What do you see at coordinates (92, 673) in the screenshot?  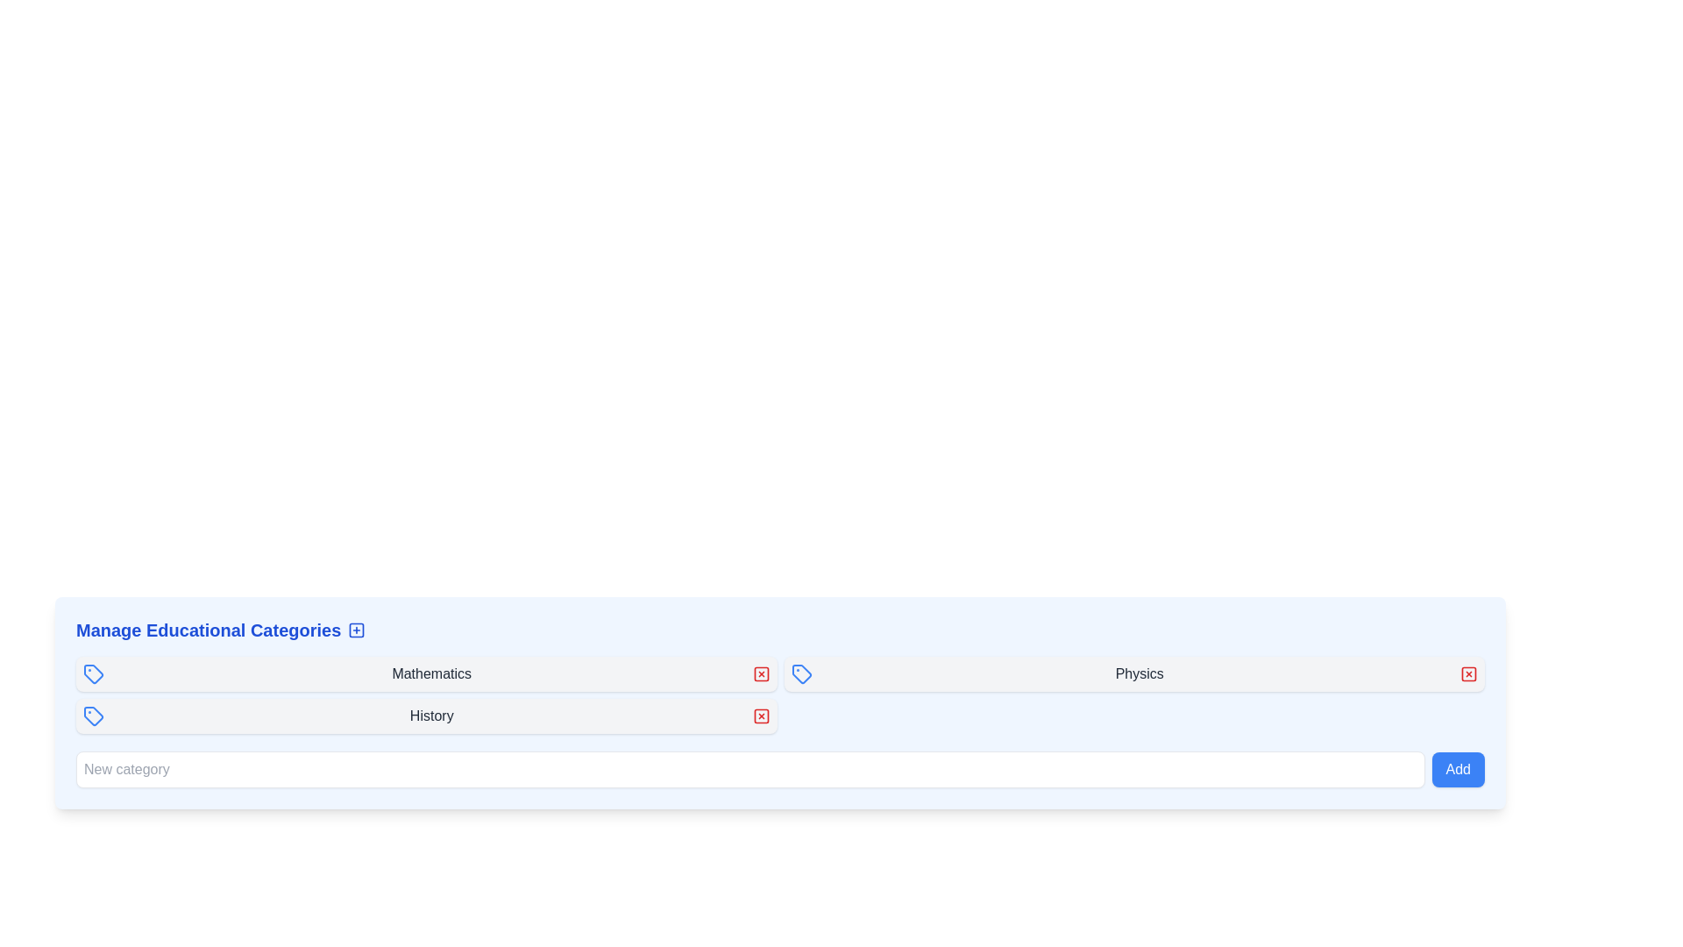 I see `the first icon representing the 'Mathematics' entry in the educational categories list` at bounding box center [92, 673].